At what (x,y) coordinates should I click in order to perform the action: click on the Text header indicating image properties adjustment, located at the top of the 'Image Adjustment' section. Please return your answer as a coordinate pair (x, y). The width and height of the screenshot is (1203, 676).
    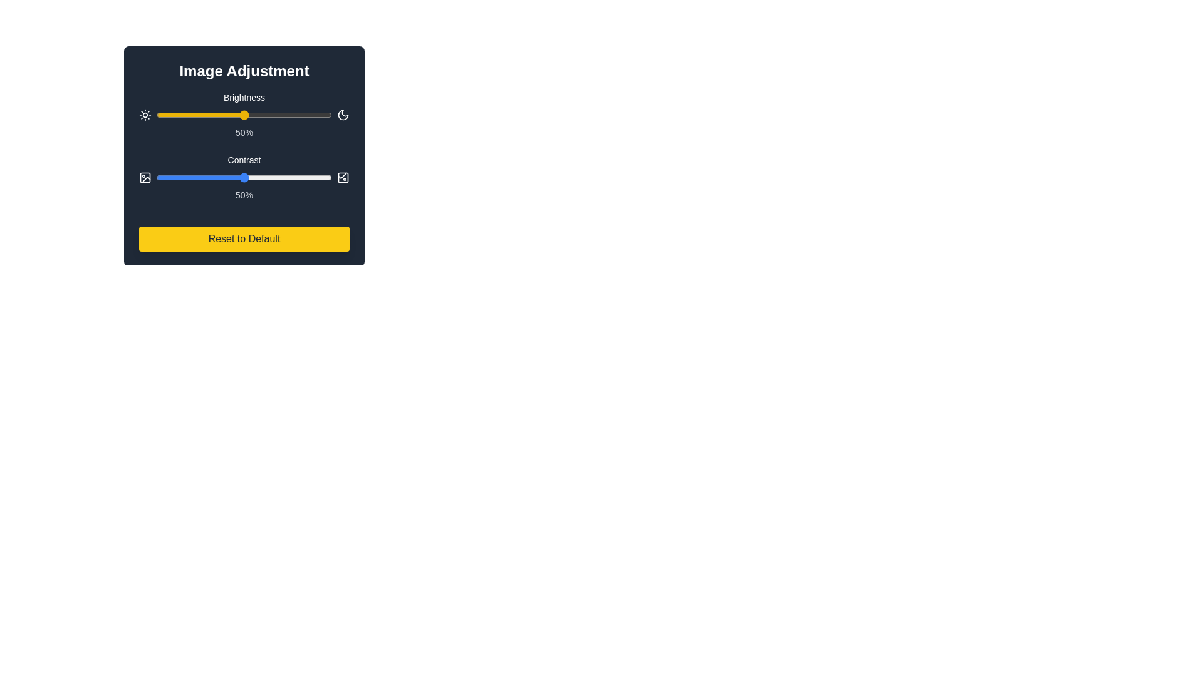
    Looking at the image, I should click on (244, 71).